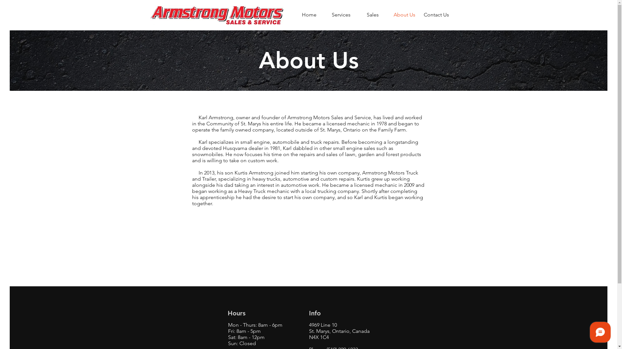 The width and height of the screenshot is (622, 349). Describe the element at coordinates (309, 15) in the screenshot. I see `'Home'` at that location.